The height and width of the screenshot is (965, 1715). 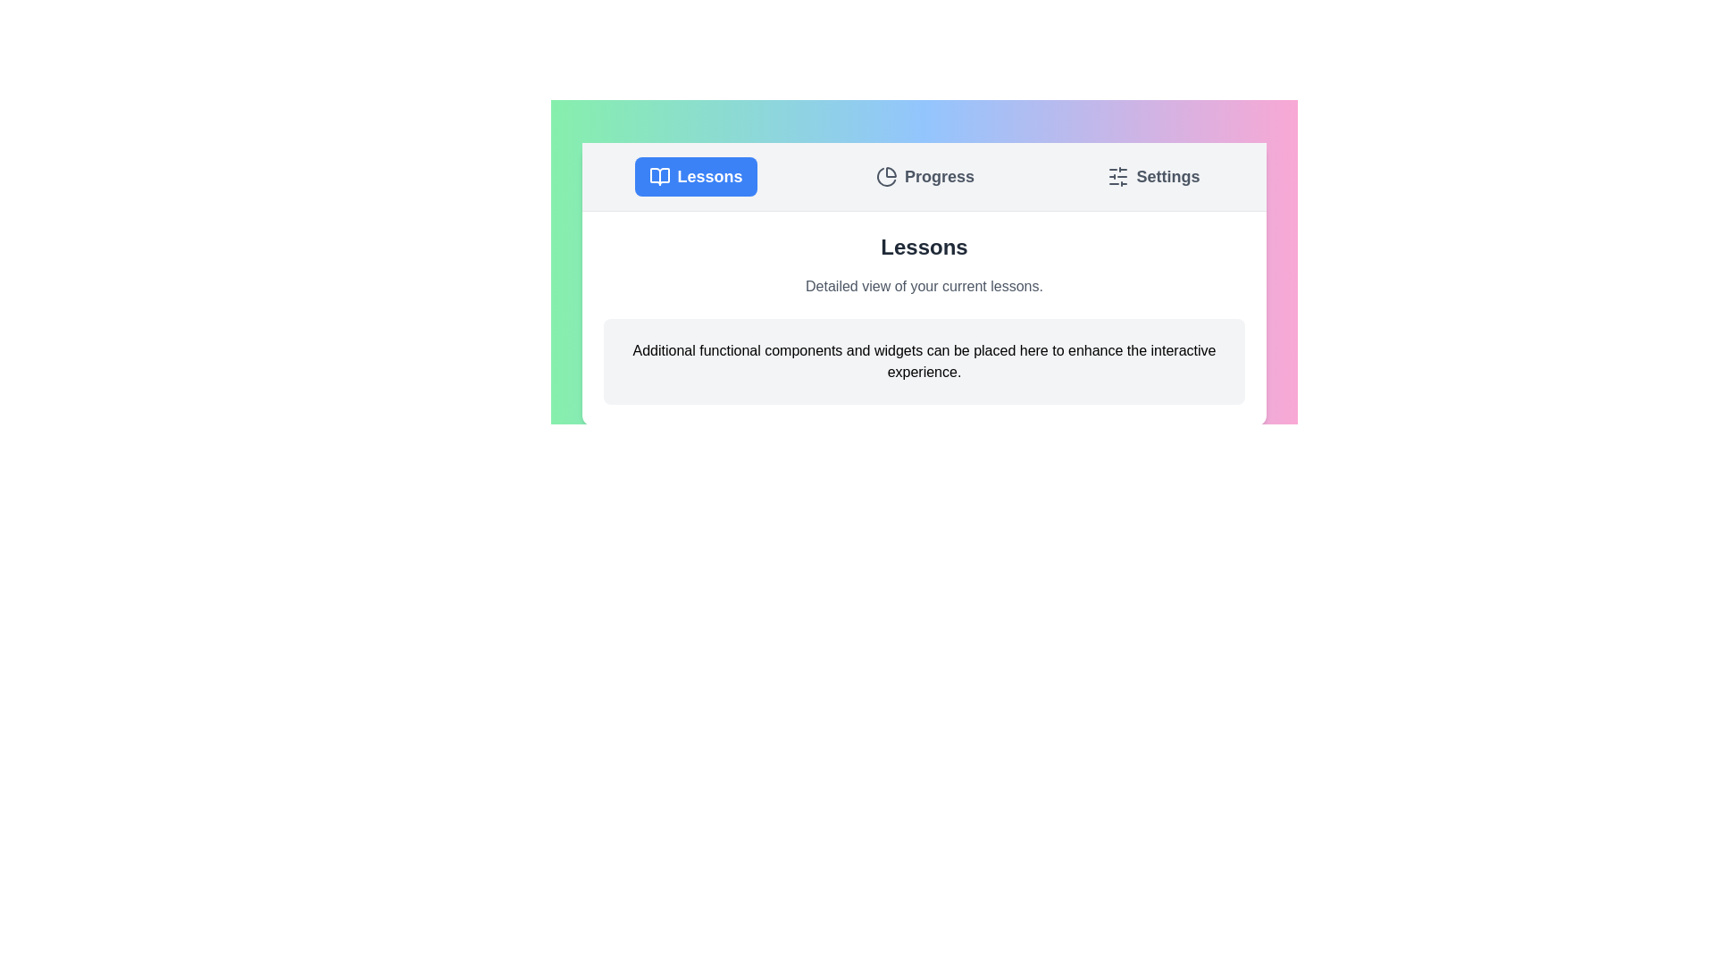 What do you see at coordinates (694, 176) in the screenshot?
I see `the Lessons tab by clicking on the corresponding tab button` at bounding box center [694, 176].